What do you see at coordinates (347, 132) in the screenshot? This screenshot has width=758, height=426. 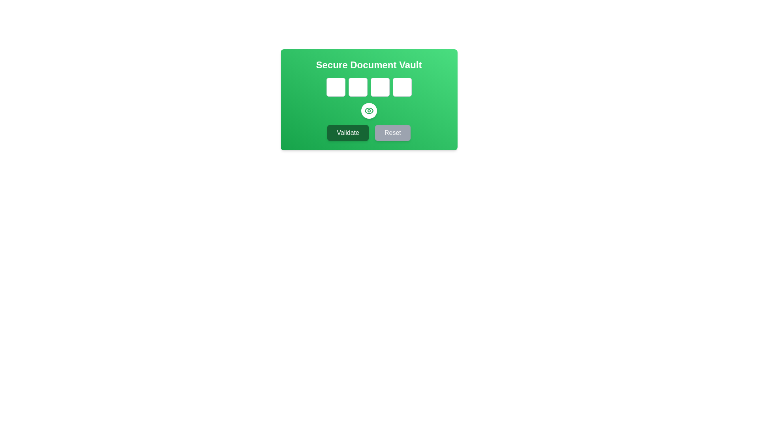 I see `the green 'Validate' button located at the bottom center of the 'Secure Document Vault' box` at bounding box center [347, 132].